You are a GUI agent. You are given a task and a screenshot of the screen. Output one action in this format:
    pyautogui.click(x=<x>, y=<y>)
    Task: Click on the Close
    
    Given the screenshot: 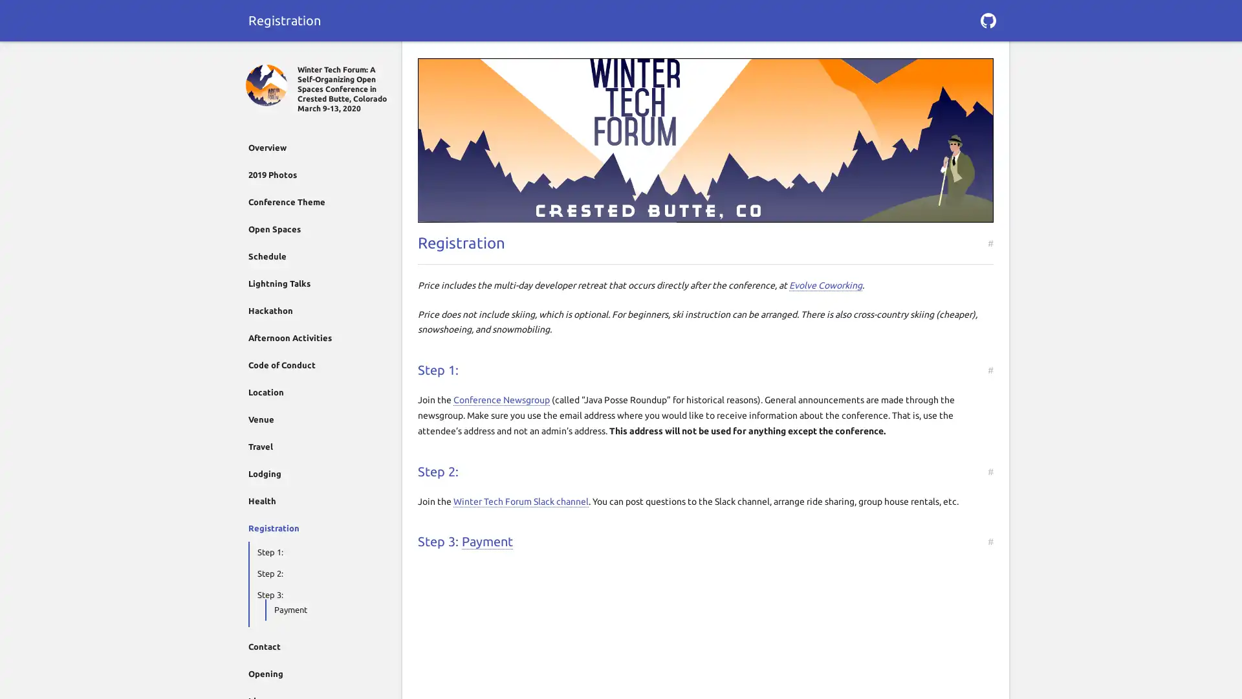 What is the action you would take?
    pyautogui.click(x=254, y=56)
    